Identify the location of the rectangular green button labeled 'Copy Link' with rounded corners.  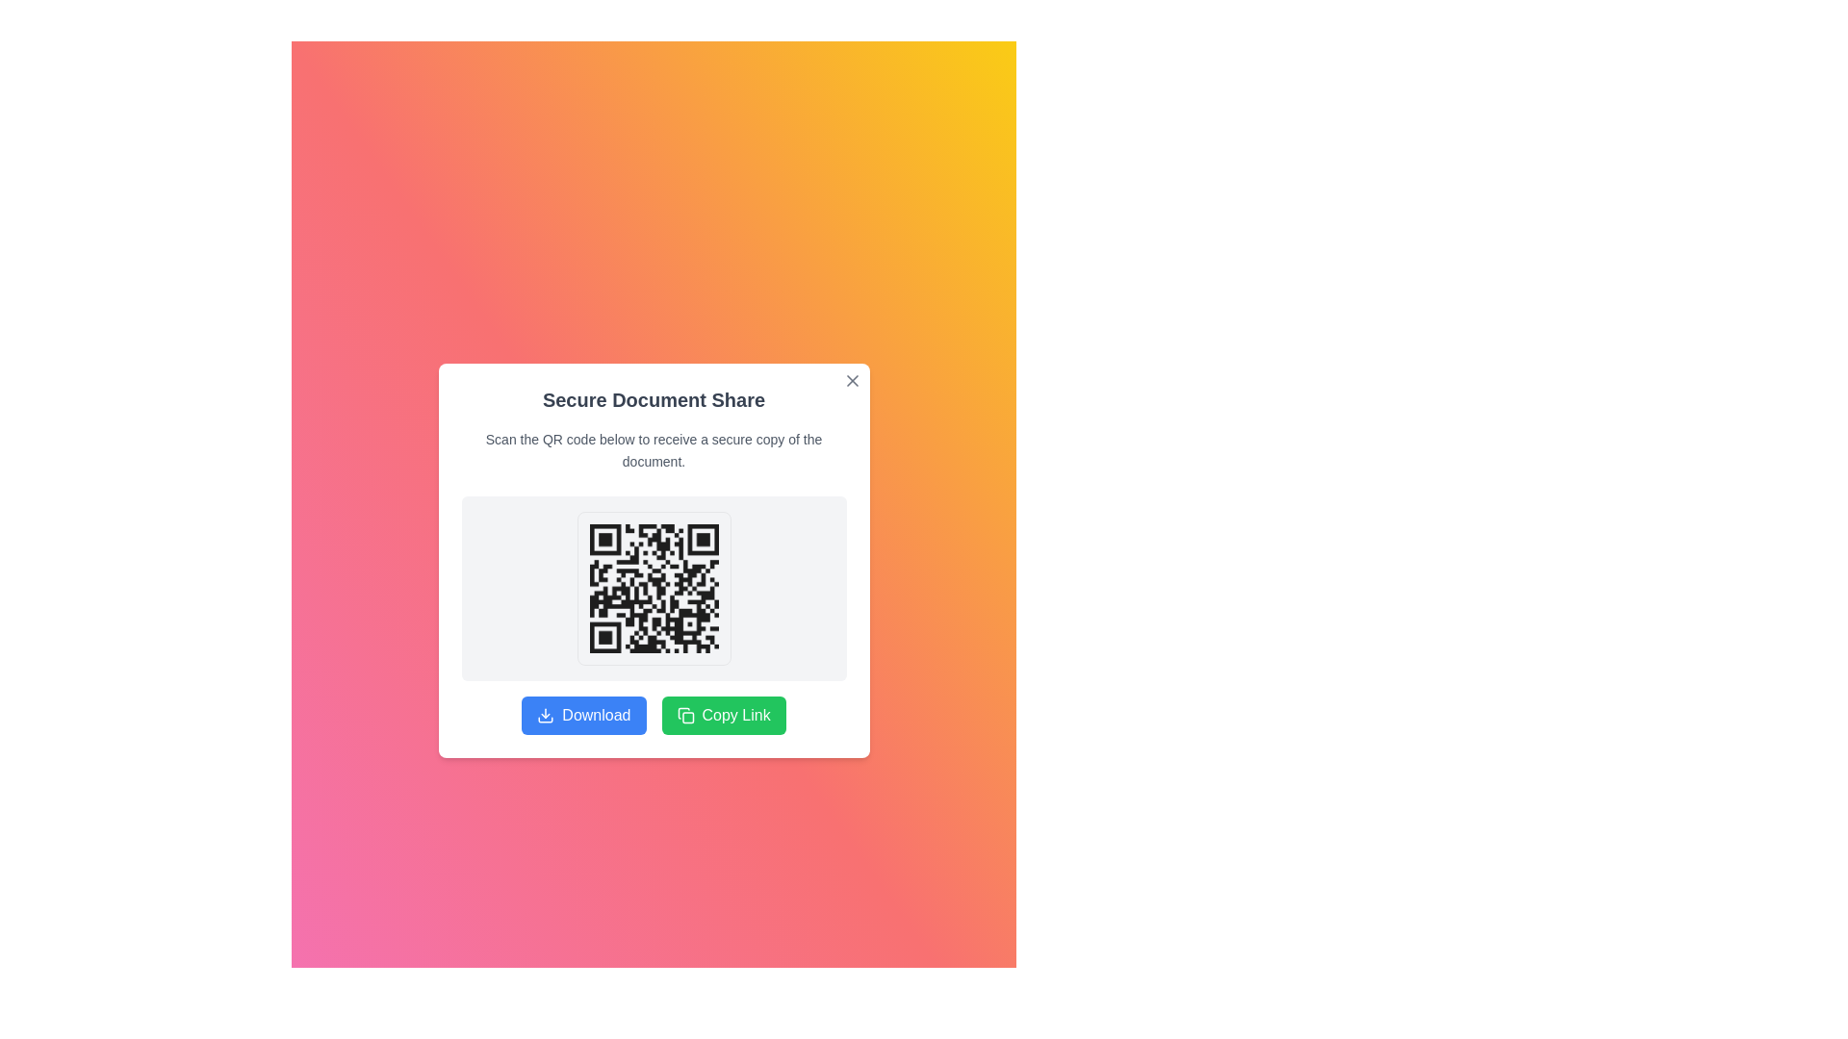
(723, 715).